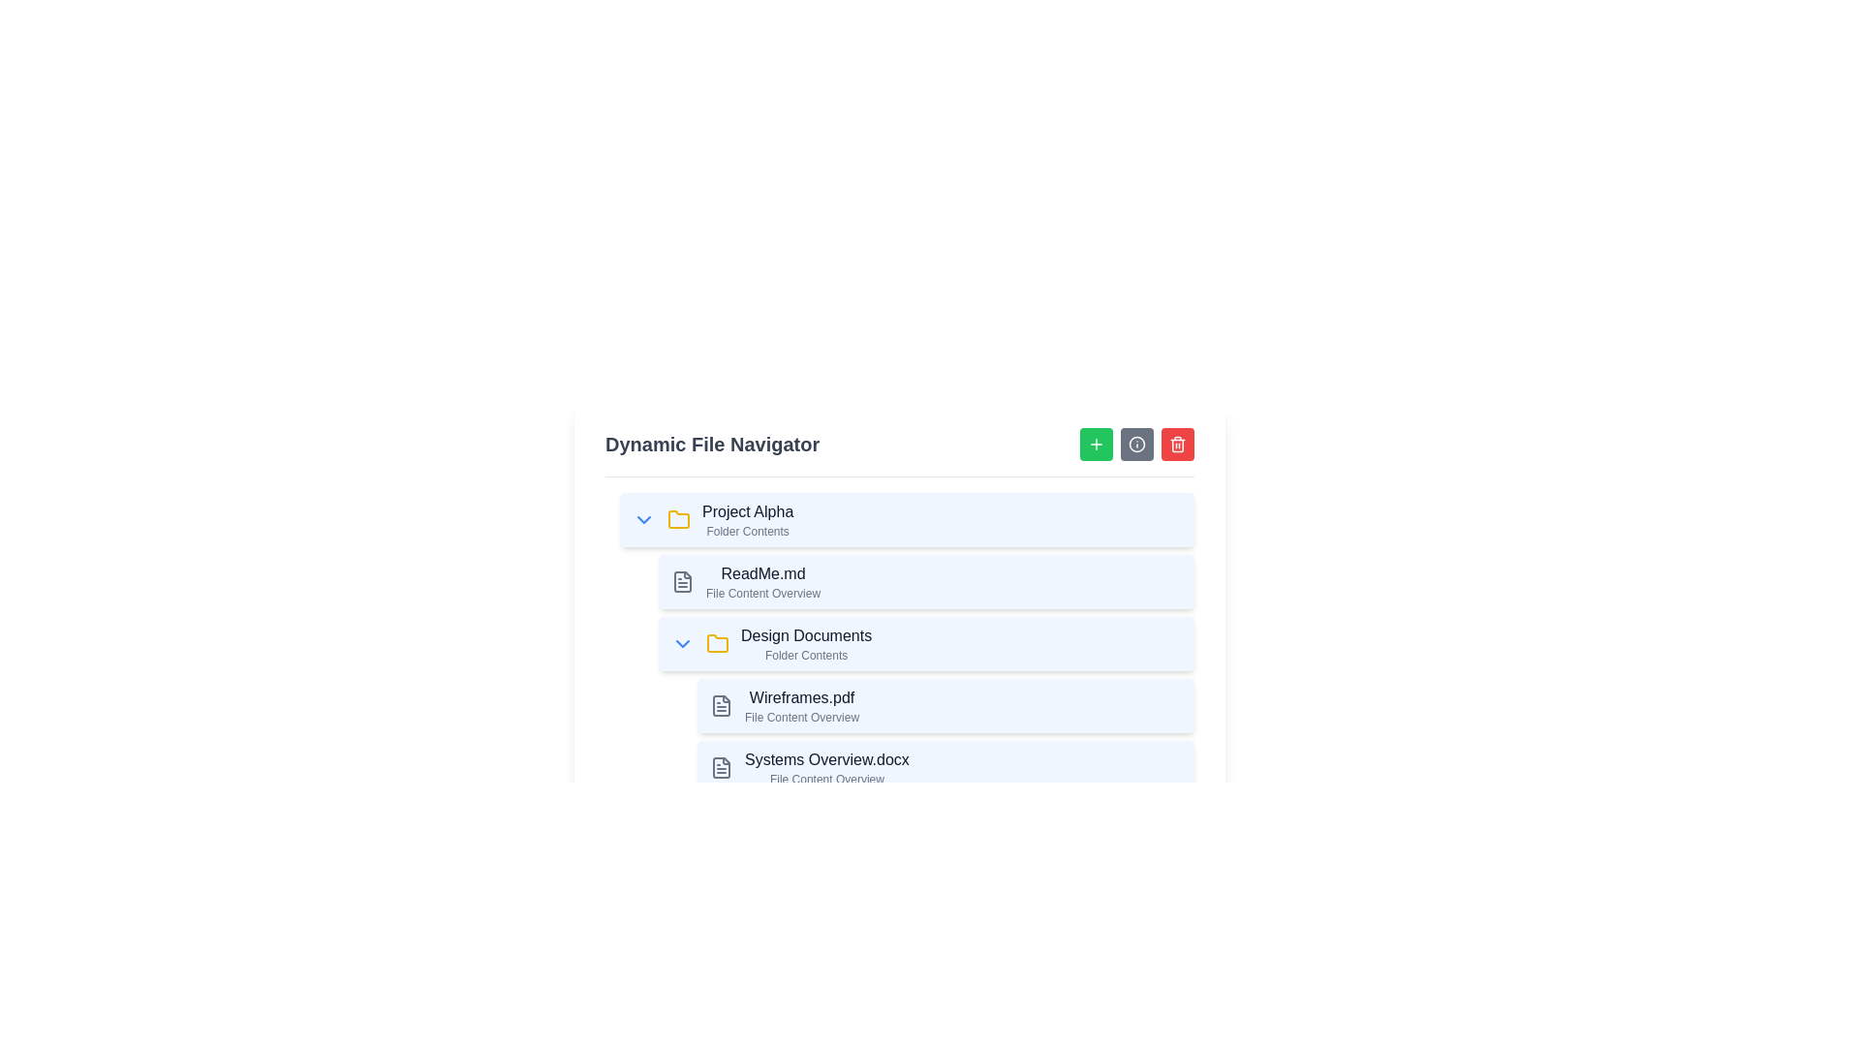  What do you see at coordinates (826, 779) in the screenshot?
I see `the 'File Content Overview' text label, which is styled with a small font size and gray color, located directly below 'Systems Overview.docx'` at bounding box center [826, 779].